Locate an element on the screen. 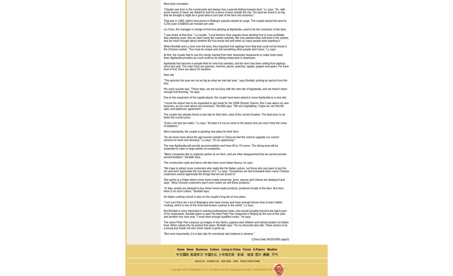  'Jobs' is located at coordinates (232, 261).